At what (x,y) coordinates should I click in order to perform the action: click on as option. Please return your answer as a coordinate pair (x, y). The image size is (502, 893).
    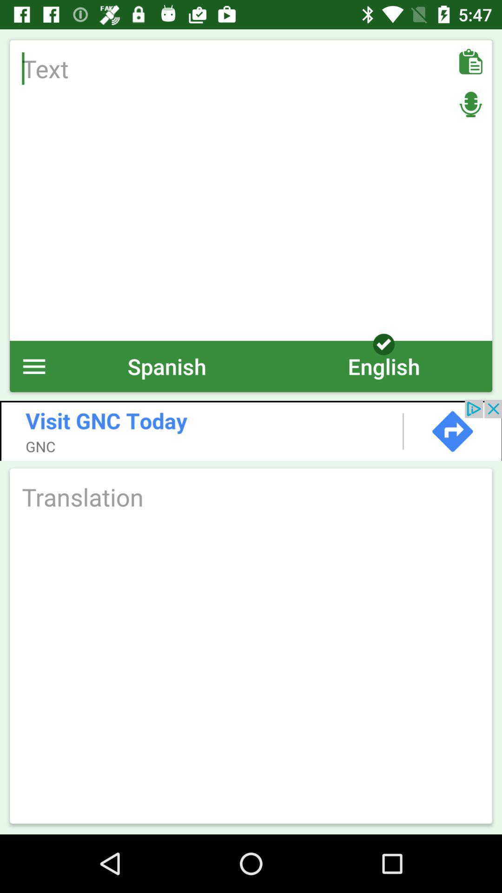
    Looking at the image, I should click on (470, 61).